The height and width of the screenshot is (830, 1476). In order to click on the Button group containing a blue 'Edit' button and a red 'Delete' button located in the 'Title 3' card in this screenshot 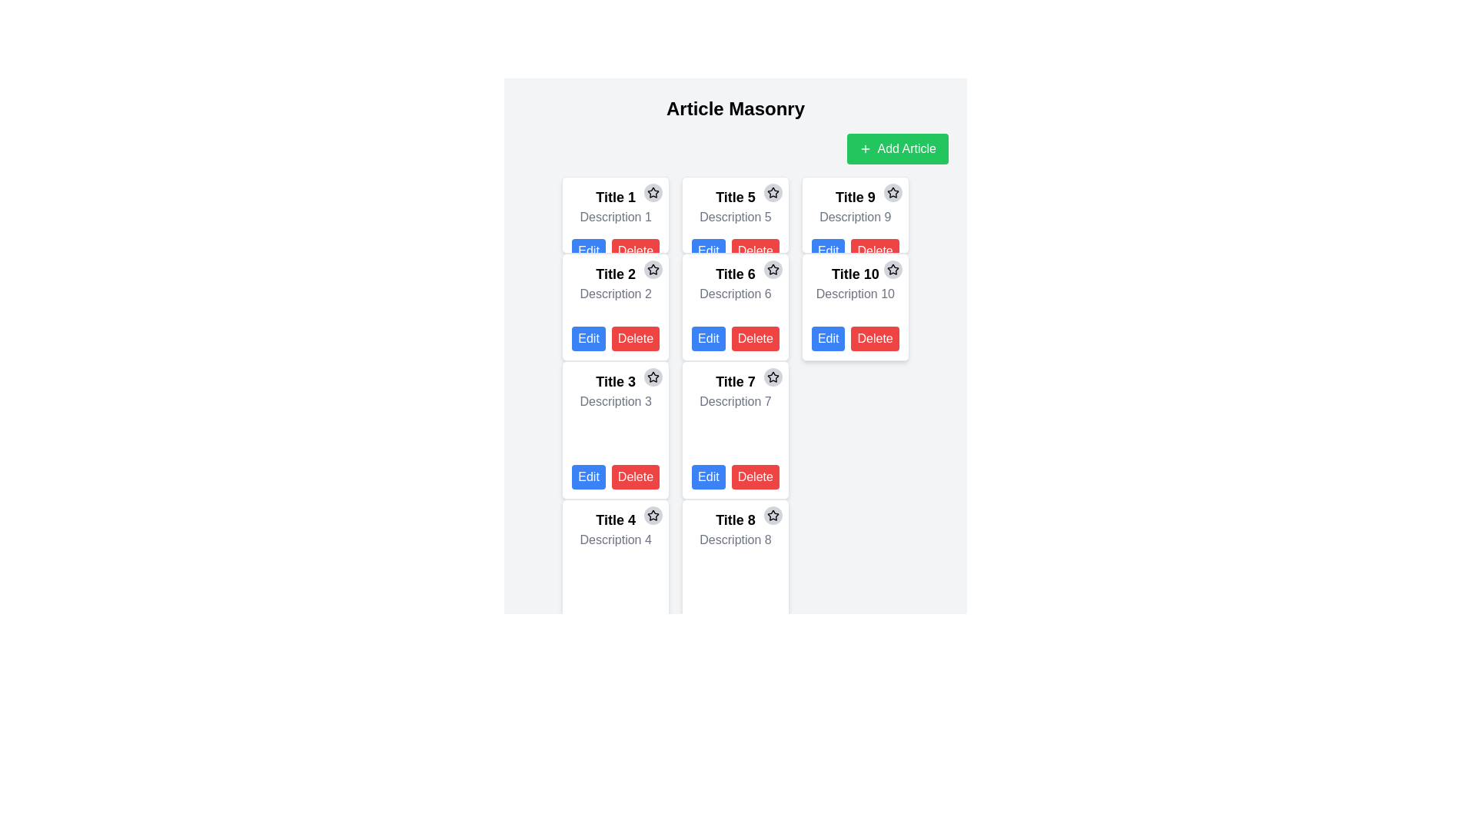, I will do `click(616, 476)`.